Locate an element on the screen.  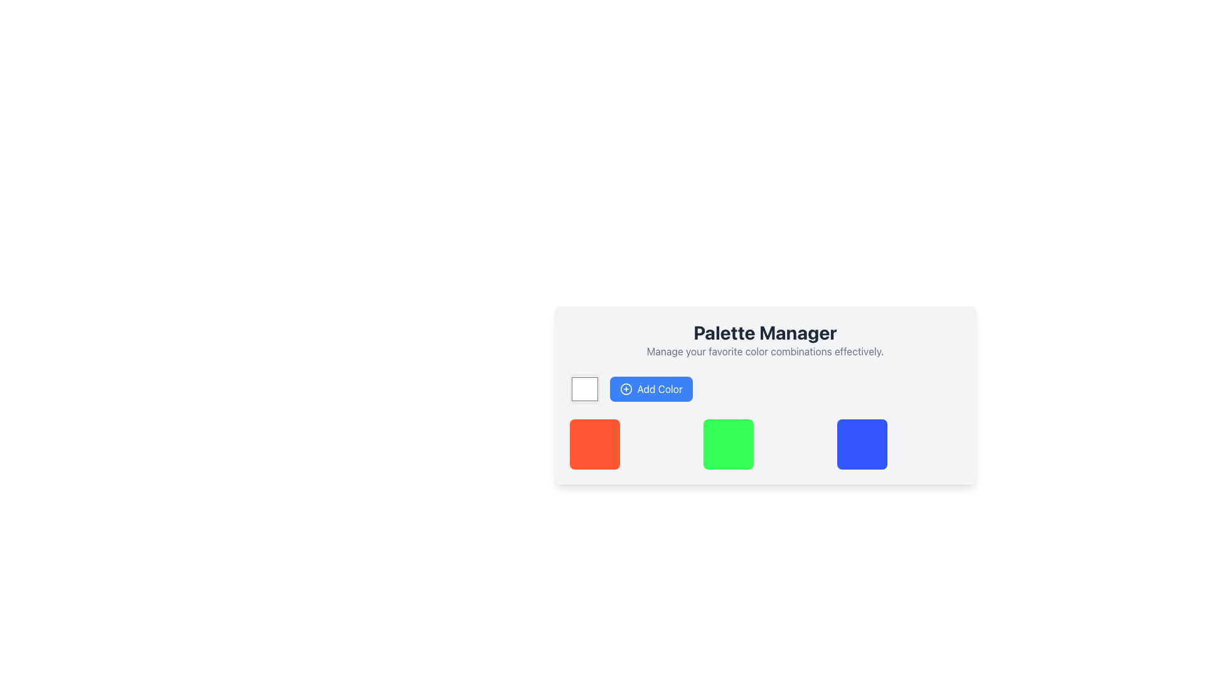
the bright green square element with rounded corners is located at coordinates (728, 444).